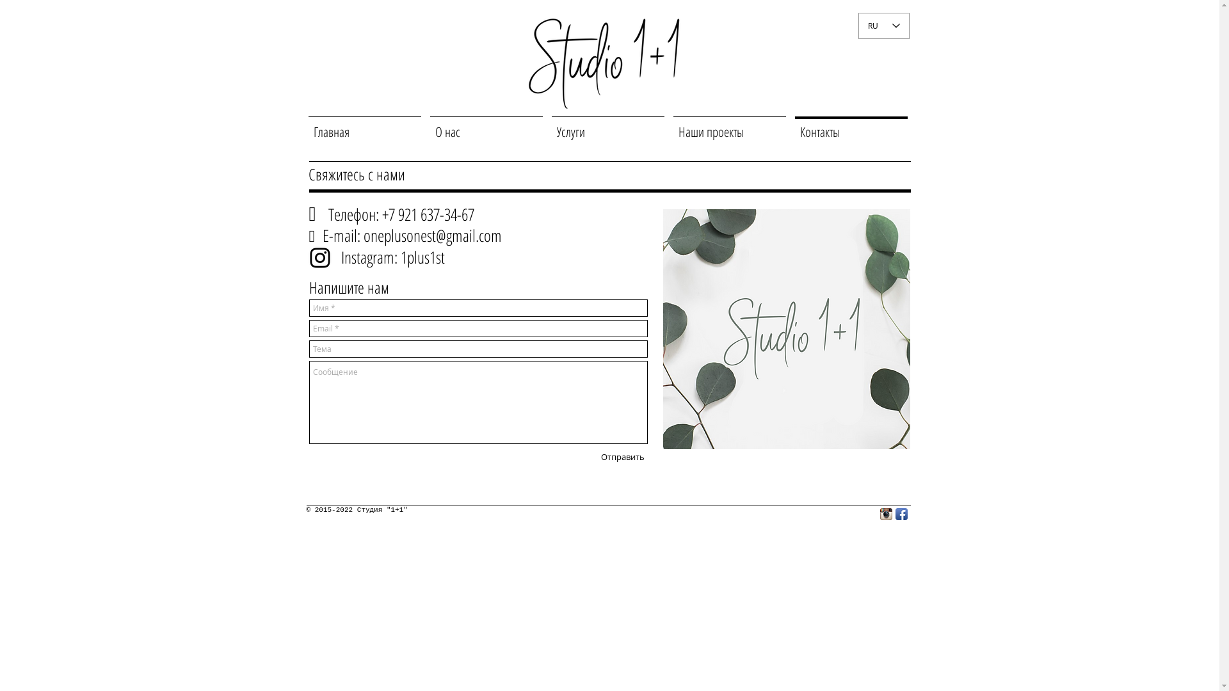 The image size is (1229, 691). Describe the element at coordinates (433, 235) in the screenshot. I see `'oneplusonest@gmail.com'` at that location.